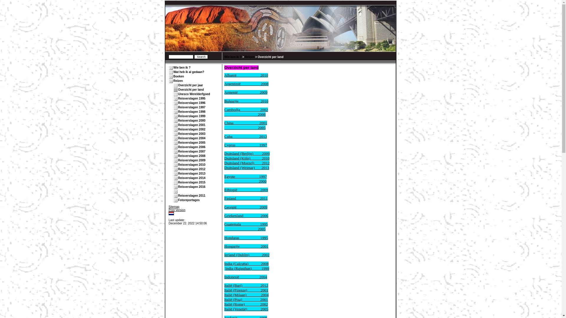 The width and height of the screenshot is (566, 318). Describe the element at coordinates (192, 143) in the screenshot. I see `'Reisverslagen 2005'` at that location.